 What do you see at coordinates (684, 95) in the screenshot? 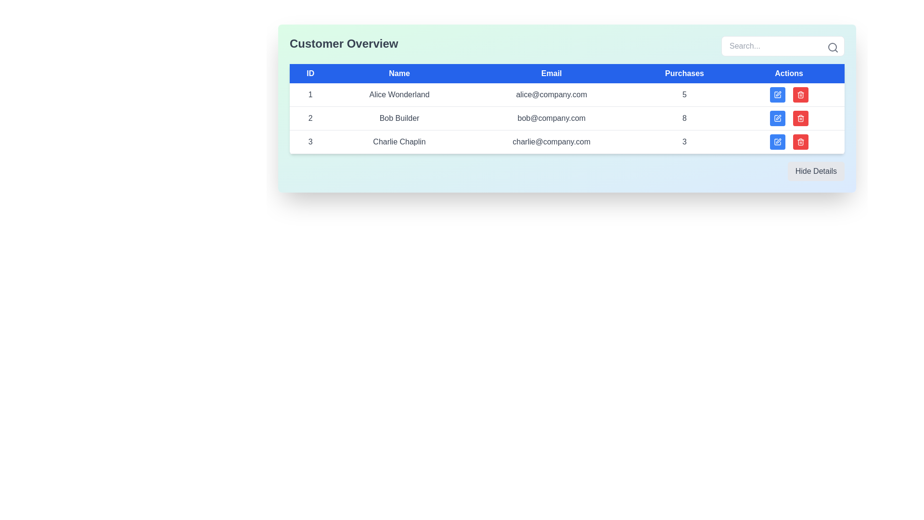
I see `the text element indicating the number of purchases associated with user 'Alice Wonderland', located in the fourth column of the first row of the table` at bounding box center [684, 95].